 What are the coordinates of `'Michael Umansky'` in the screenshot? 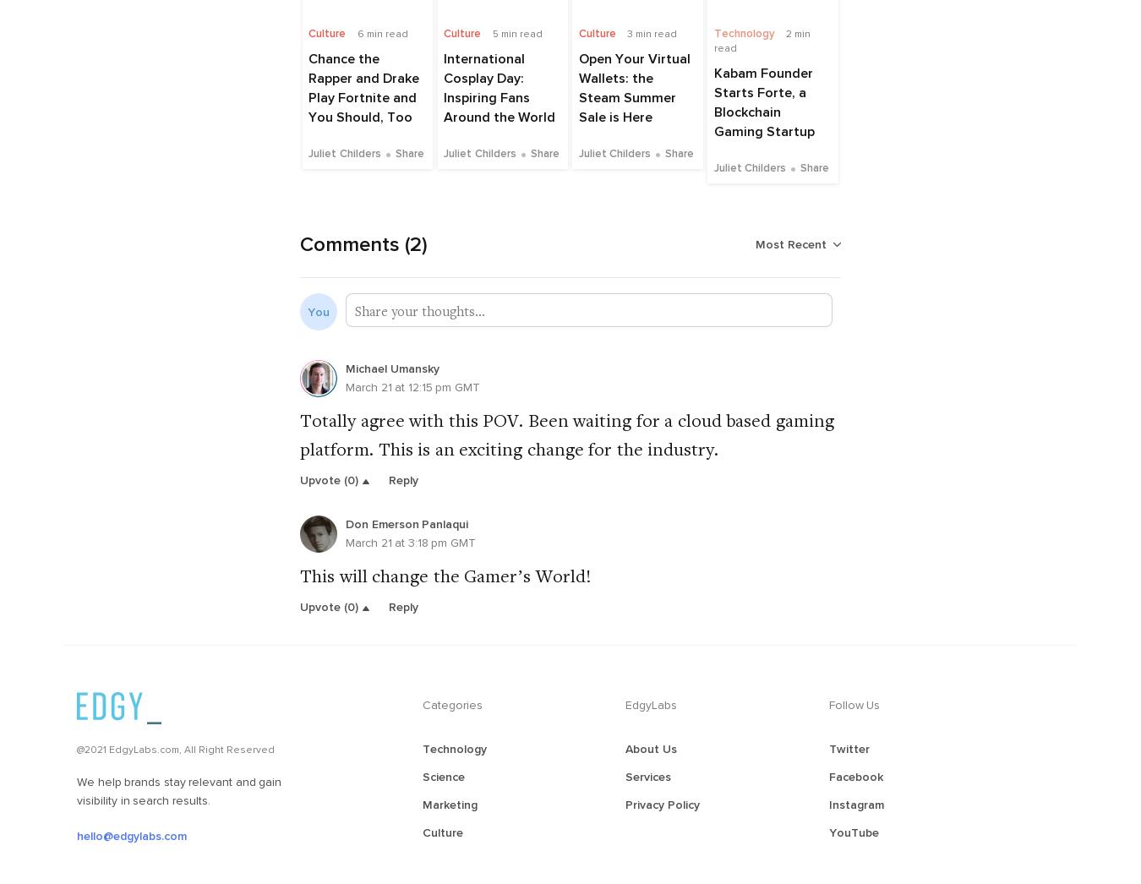 It's located at (390, 367).